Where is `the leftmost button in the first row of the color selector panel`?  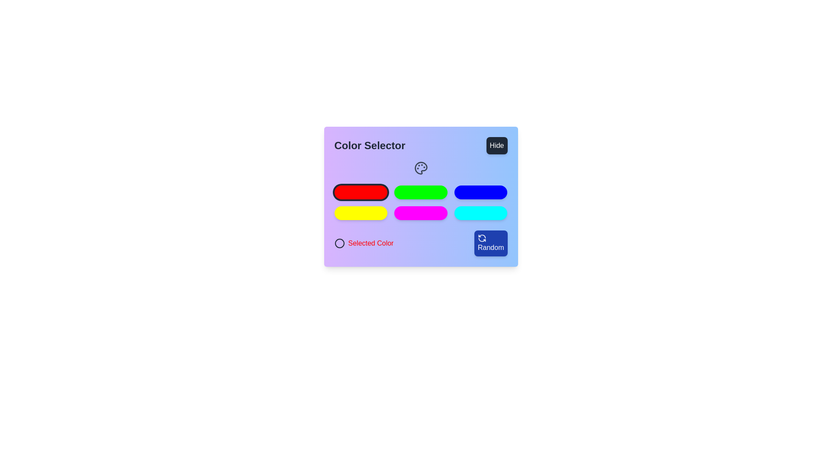
the leftmost button in the first row of the color selector panel is located at coordinates (361, 192).